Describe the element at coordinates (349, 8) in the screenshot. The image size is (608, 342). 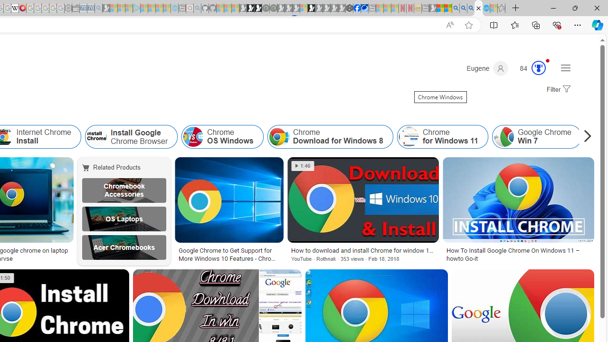
I see `'Nordace - Cooler Bags'` at that location.